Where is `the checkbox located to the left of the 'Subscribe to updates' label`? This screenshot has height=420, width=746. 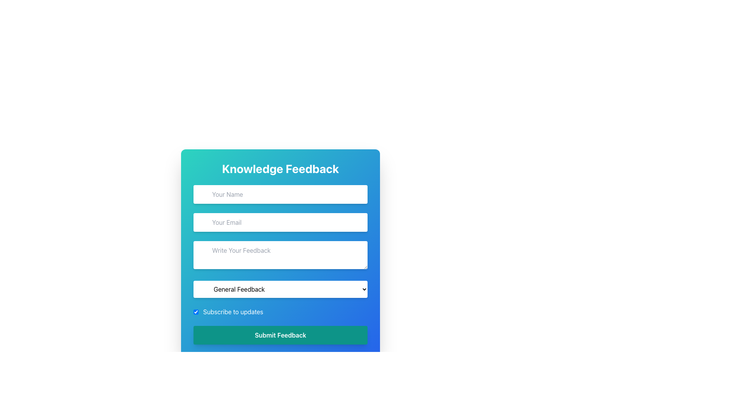
the checkbox located to the left of the 'Subscribe to updates' label is located at coordinates (196, 311).